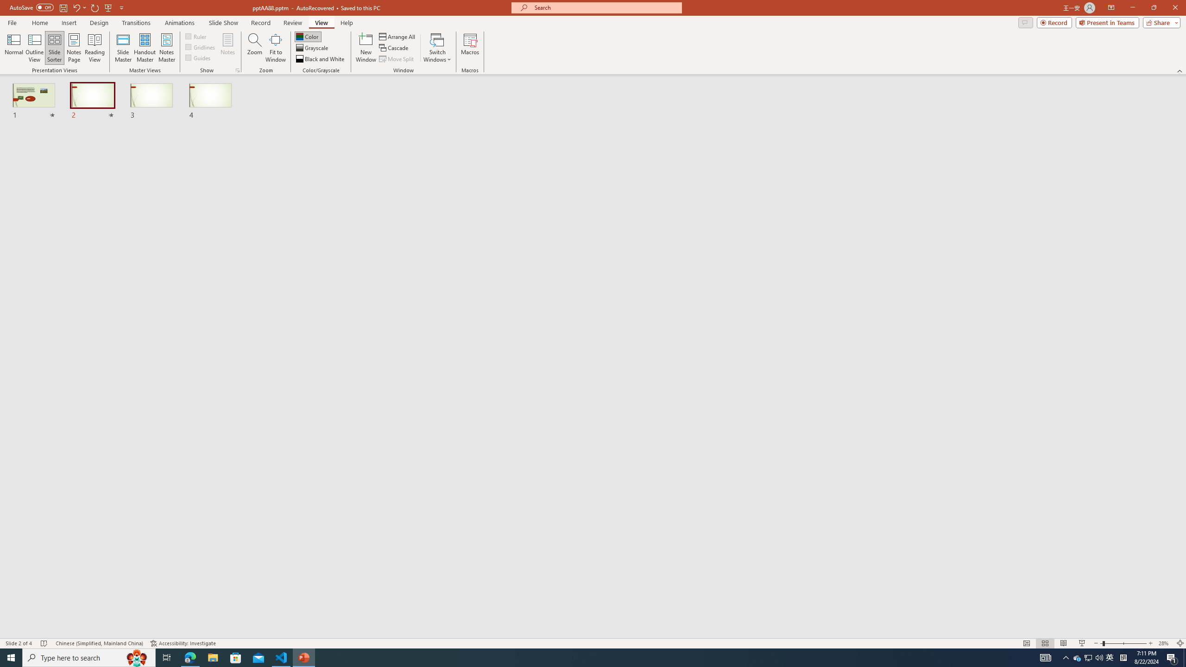 The width and height of the screenshot is (1186, 667). I want to click on 'Move Split', so click(397, 59).